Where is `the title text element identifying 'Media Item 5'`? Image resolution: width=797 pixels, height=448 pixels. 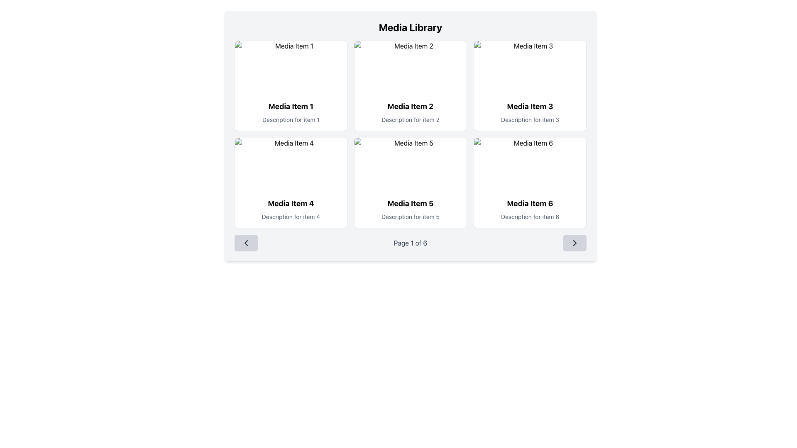 the title text element identifying 'Media Item 5' is located at coordinates (410, 203).